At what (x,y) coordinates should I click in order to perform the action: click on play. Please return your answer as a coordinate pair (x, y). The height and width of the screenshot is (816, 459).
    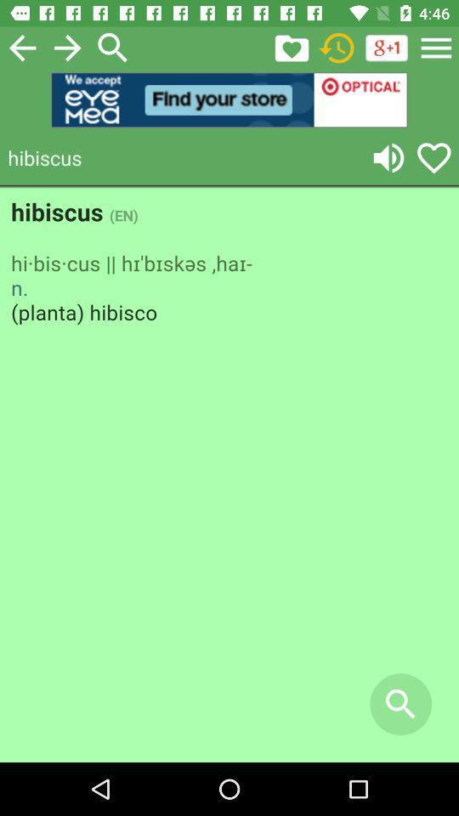
    Looking at the image, I should click on (388, 157).